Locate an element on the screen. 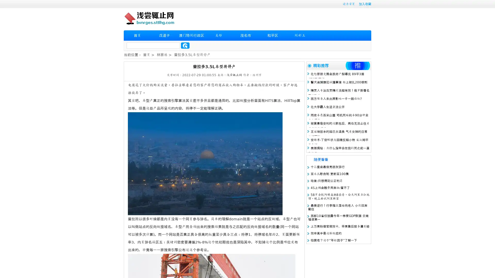 This screenshot has width=495, height=278. Search is located at coordinates (185, 45).